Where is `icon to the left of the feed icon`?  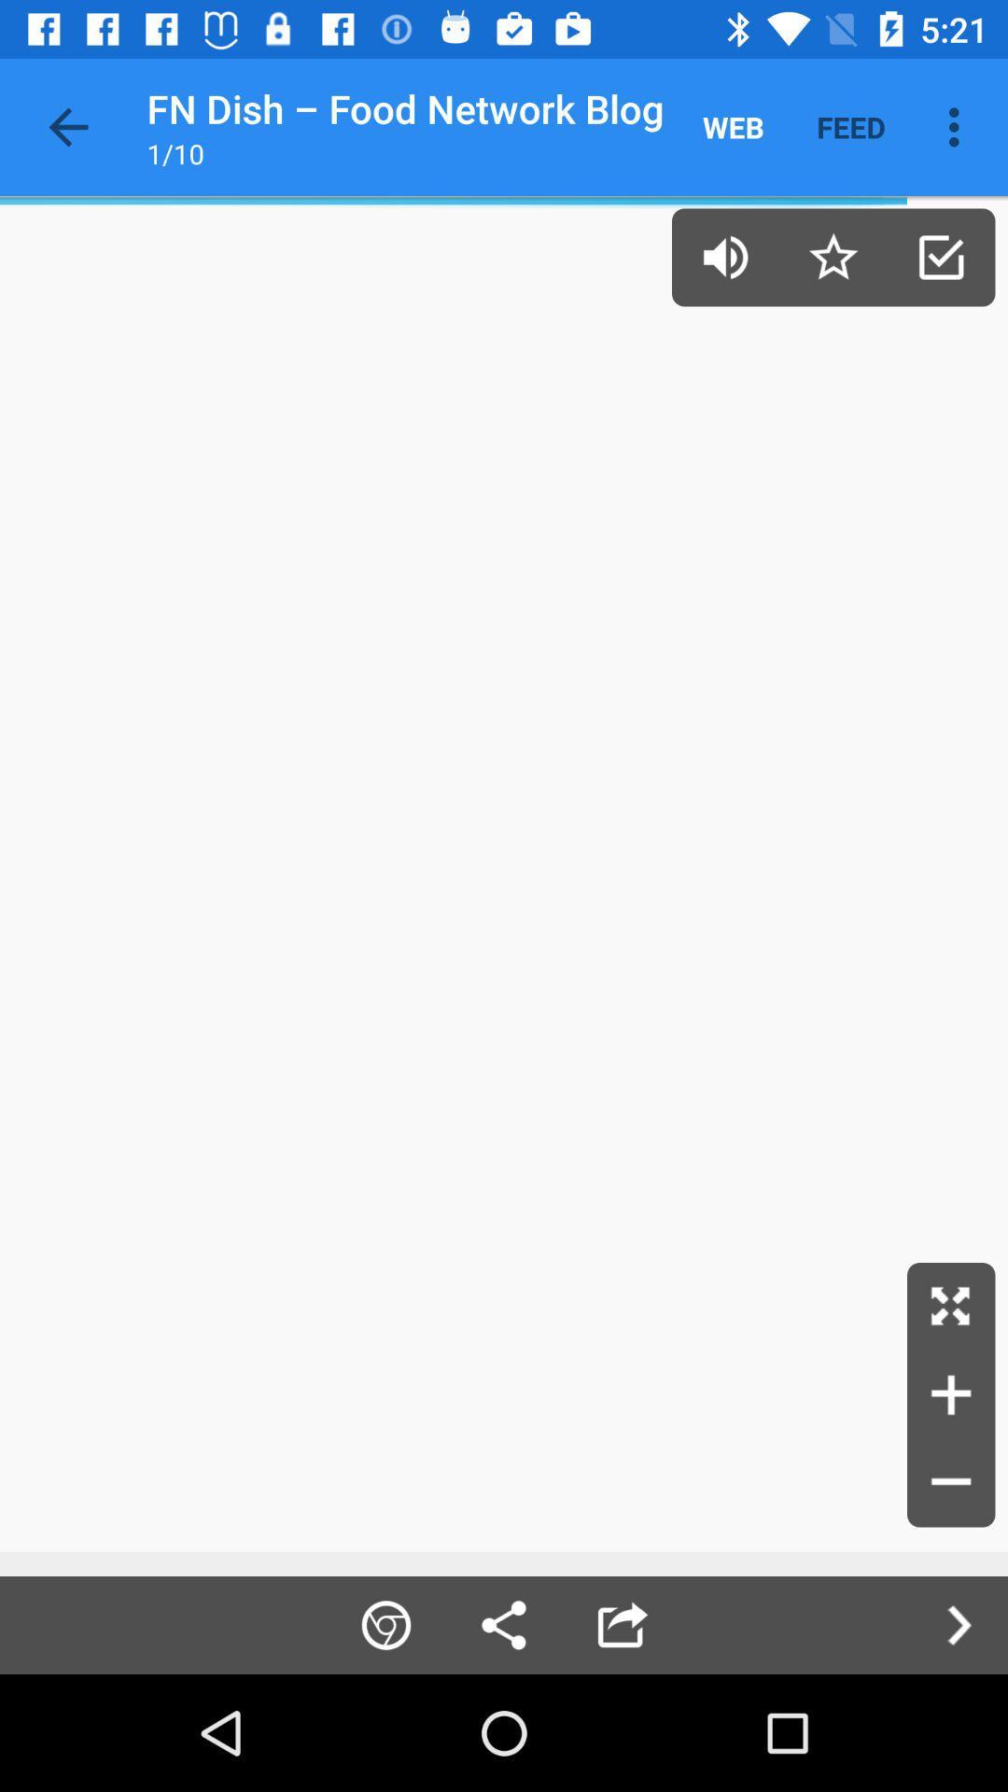
icon to the left of the feed icon is located at coordinates (733, 126).